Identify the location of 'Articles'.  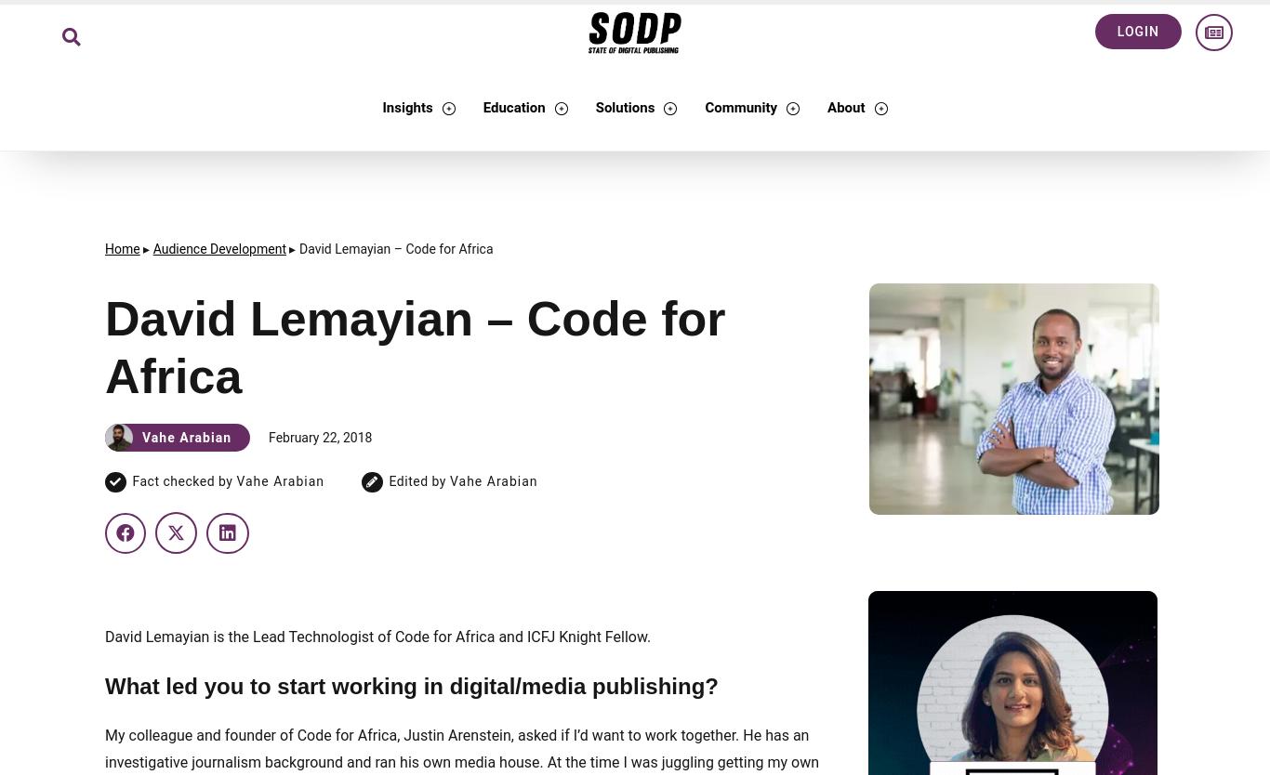
(496, 191).